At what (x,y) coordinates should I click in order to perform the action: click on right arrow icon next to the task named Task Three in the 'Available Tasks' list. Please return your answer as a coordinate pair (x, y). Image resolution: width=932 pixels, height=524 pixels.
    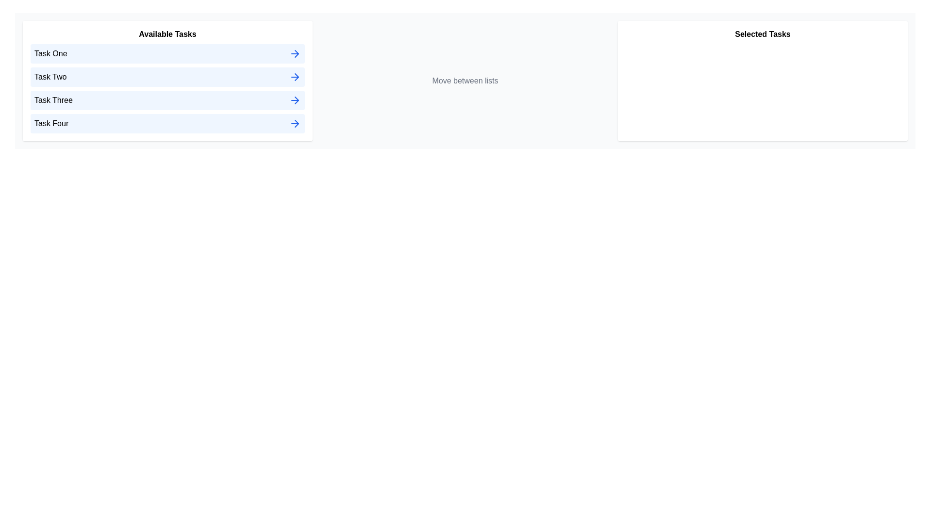
    Looking at the image, I should click on (295, 100).